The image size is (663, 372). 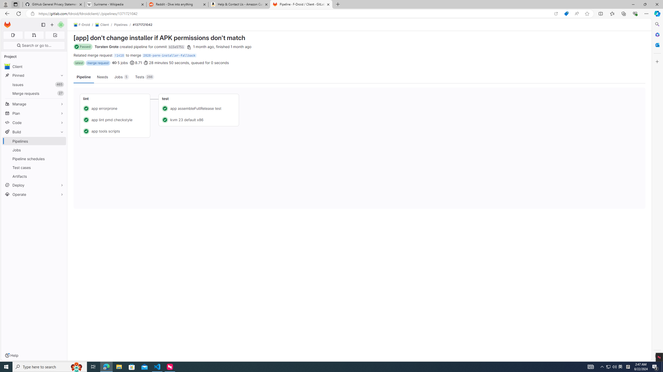 What do you see at coordinates (177, 4) in the screenshot?
I see `'Reddit - Dive into anything'` at bounding box center [177, 4].